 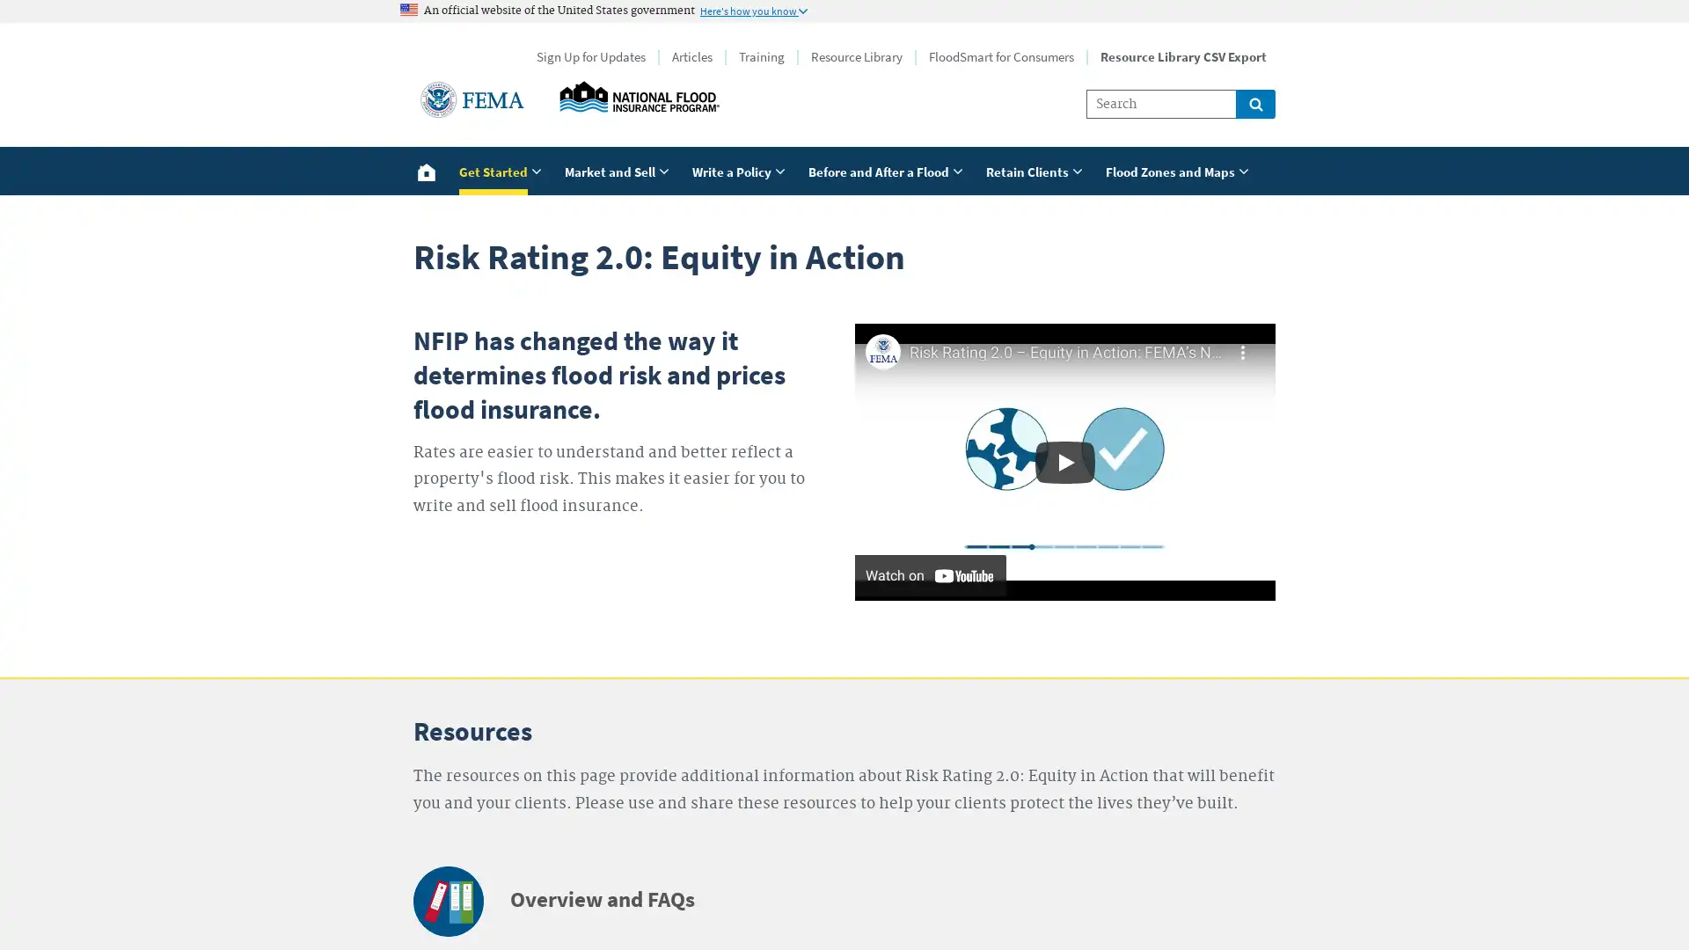 I want to click on Use <enter> and shift + <enter> to open and close the drop down to sub-menus, so click(x=619, y=170).